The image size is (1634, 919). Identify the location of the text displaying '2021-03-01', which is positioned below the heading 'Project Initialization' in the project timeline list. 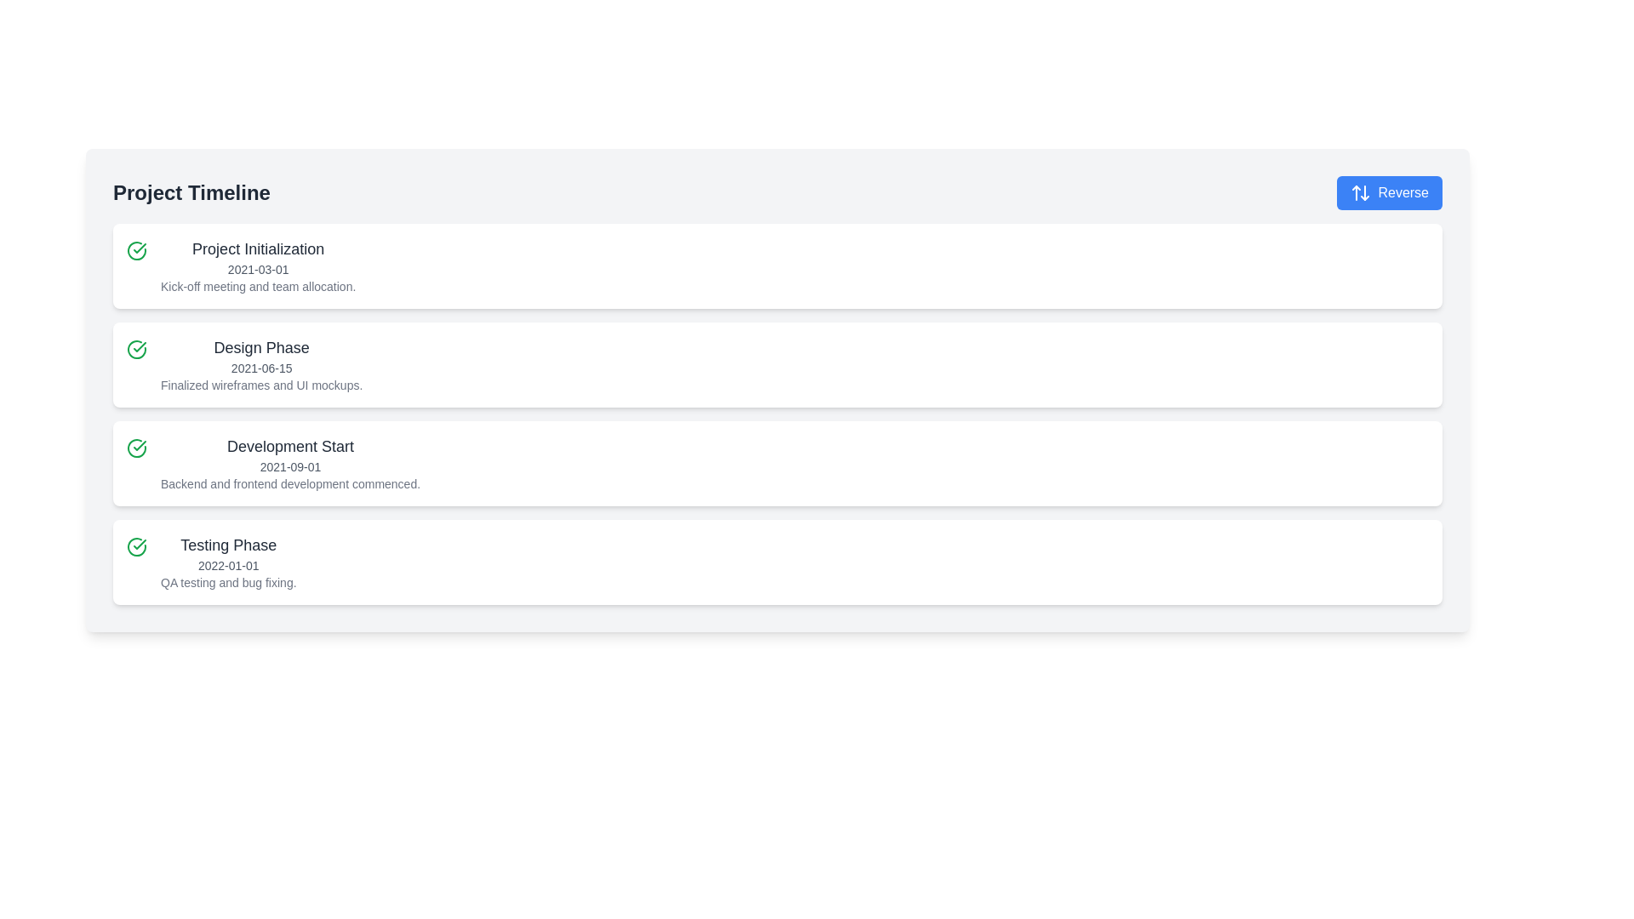
(257, 268).